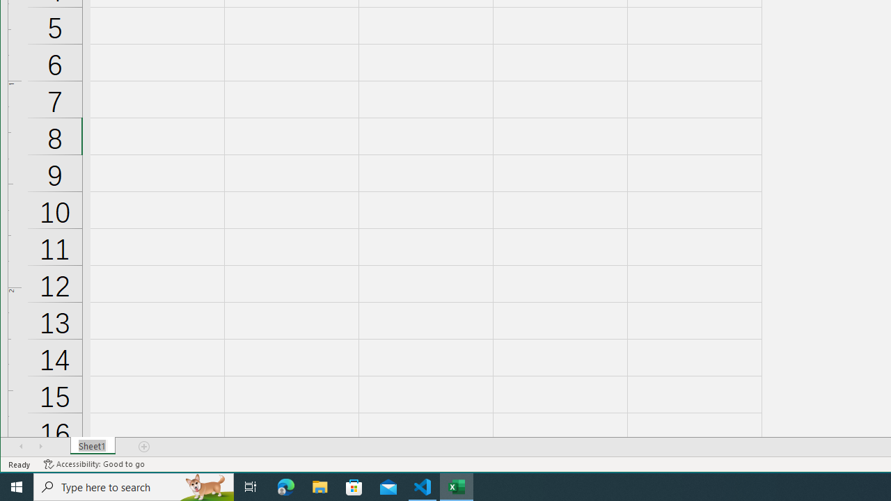 Image resolution: width=891 pixels, height=501 pixels. Describe the element at coordinates (250, 486) in the screenshot. I see `'Task View'` at that location.